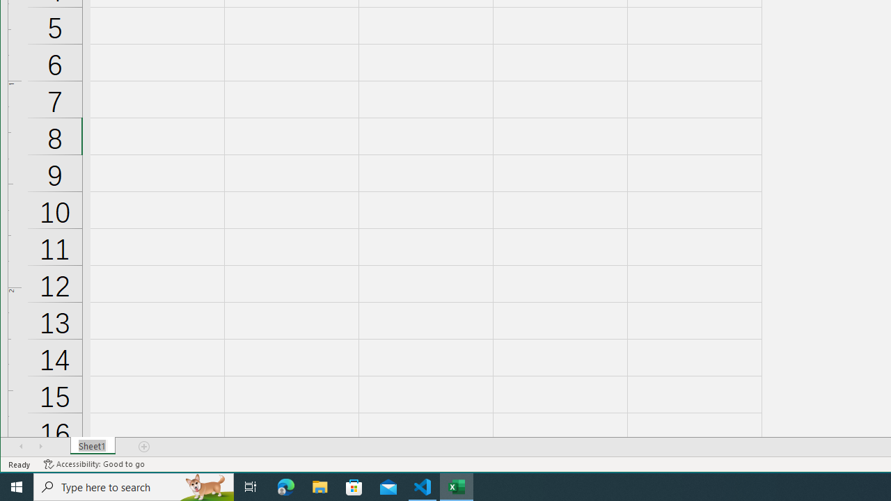 Image resolution: width=891 pixels, height=501 pixels. Describe the element at coordinates (250, 486) in the screenshot. I see `'Task View'` at that location.